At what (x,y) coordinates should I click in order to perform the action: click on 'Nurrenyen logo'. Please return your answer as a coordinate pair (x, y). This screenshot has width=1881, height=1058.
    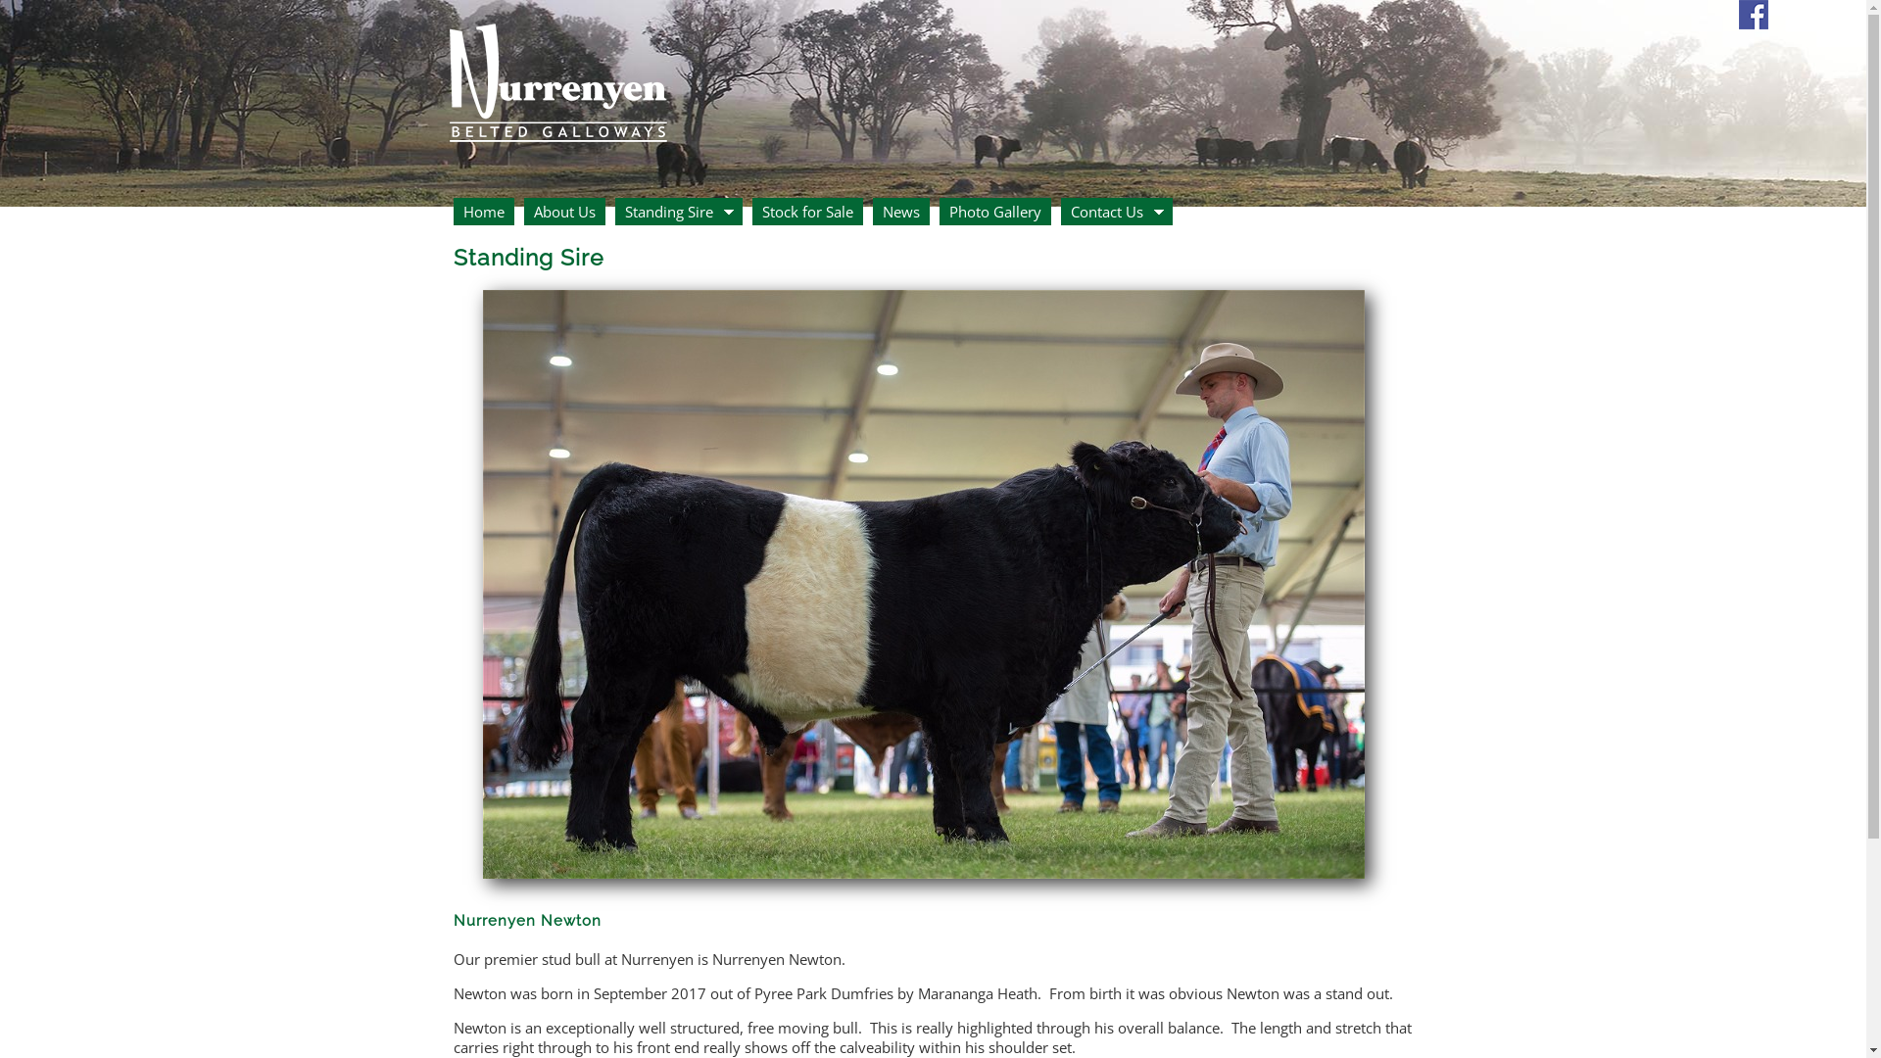
    Looking at the image, I should click on (555, 73).